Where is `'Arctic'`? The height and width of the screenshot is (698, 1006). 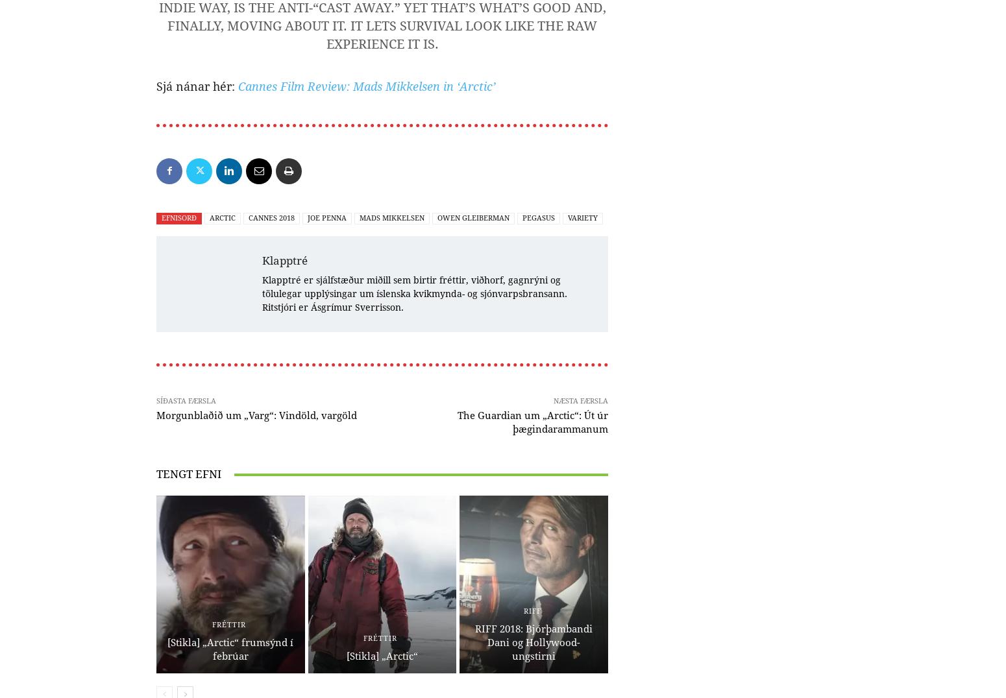 'Arctic' is located at coordinates (222, 217).